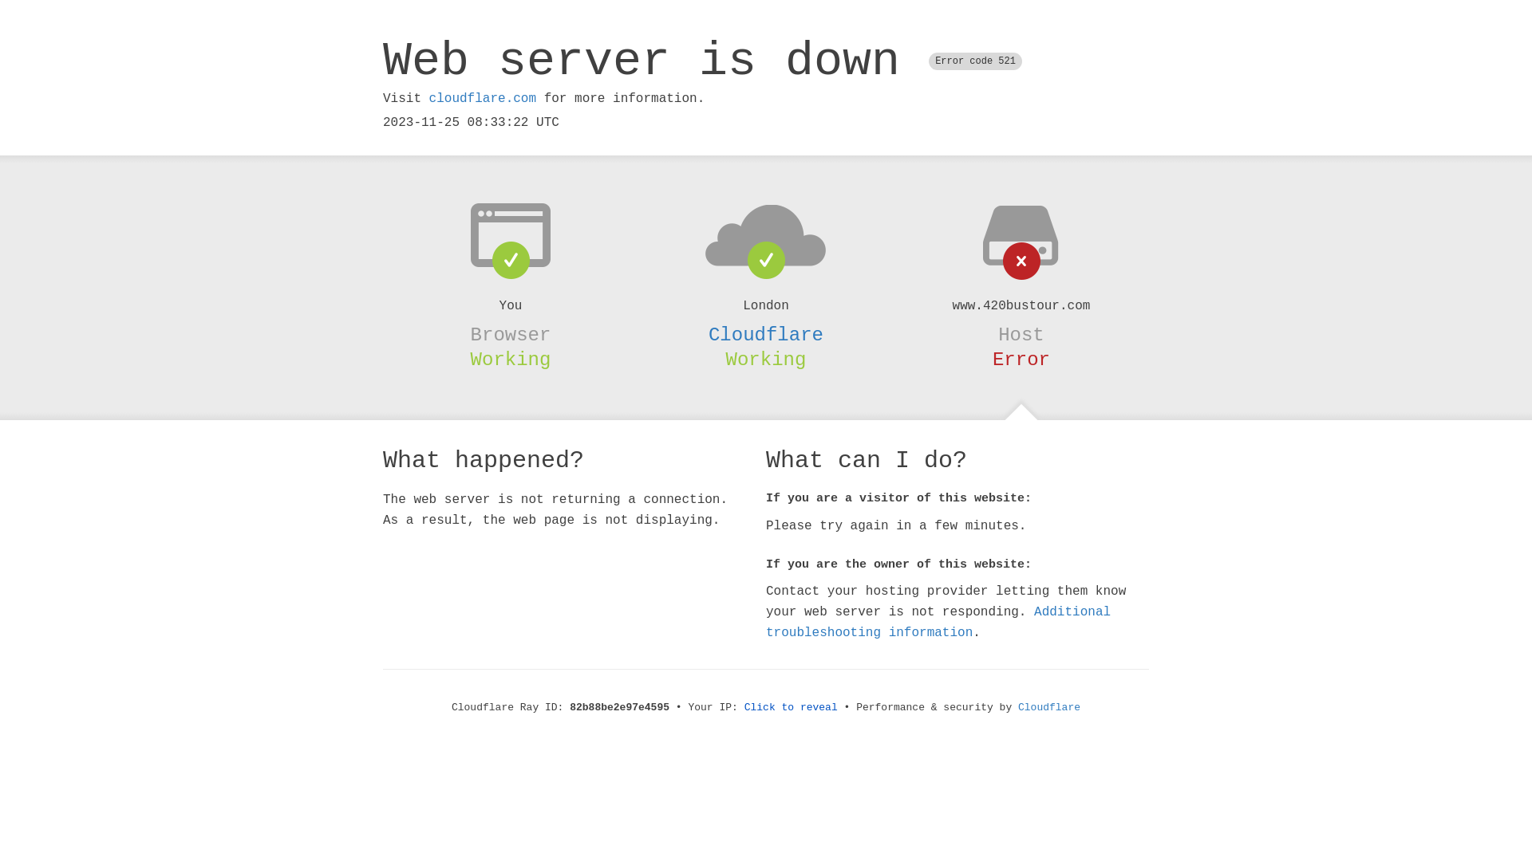 This screenshot has width=1532, height=861. Describe the element at coordinates (481, 98) in the screenshot. I see `'cloudflare.com'` at that location.